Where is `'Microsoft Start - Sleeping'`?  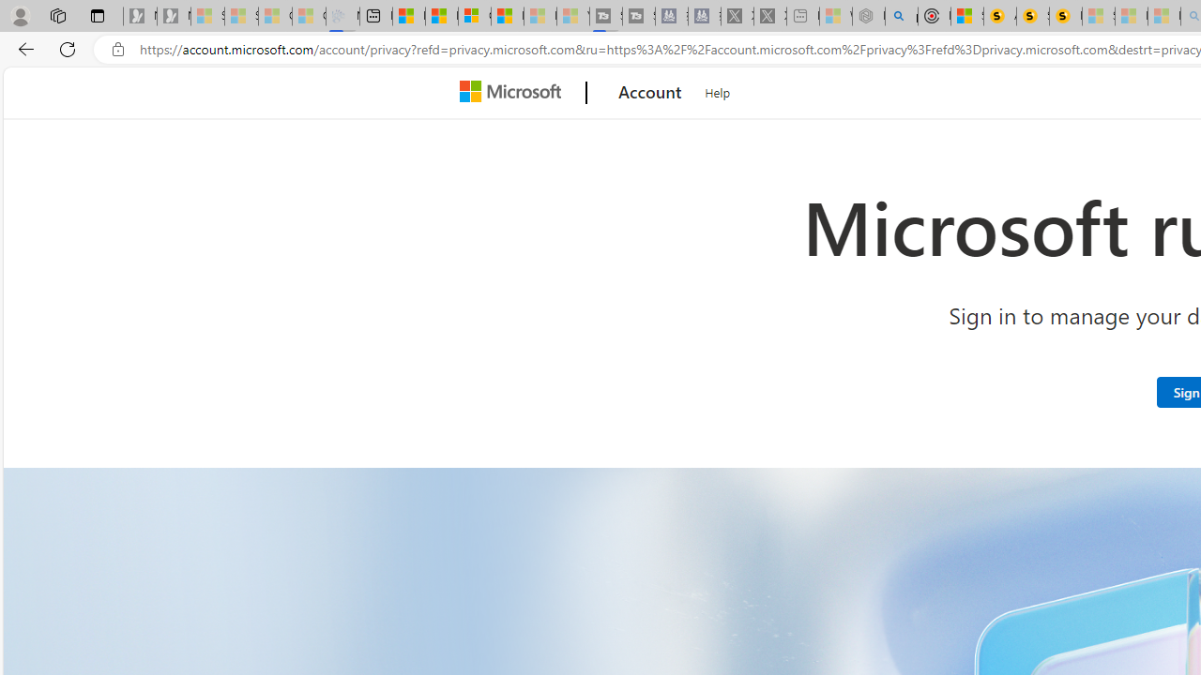 'Microsoft Start - Sleeping' is located at coordinates (540, 16).